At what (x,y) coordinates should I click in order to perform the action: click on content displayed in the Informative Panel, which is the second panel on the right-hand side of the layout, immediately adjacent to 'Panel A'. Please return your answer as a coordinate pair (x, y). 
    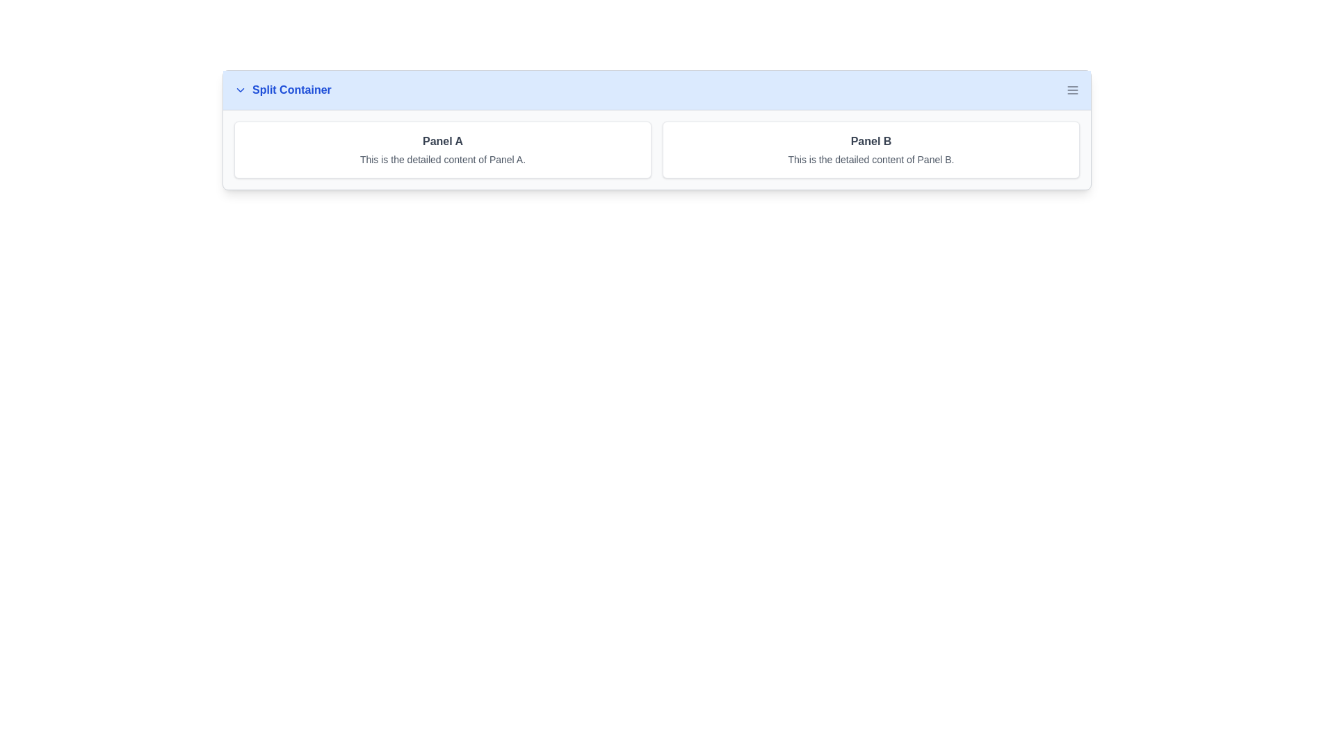
    Looking at the image, I should click on (870, 150).